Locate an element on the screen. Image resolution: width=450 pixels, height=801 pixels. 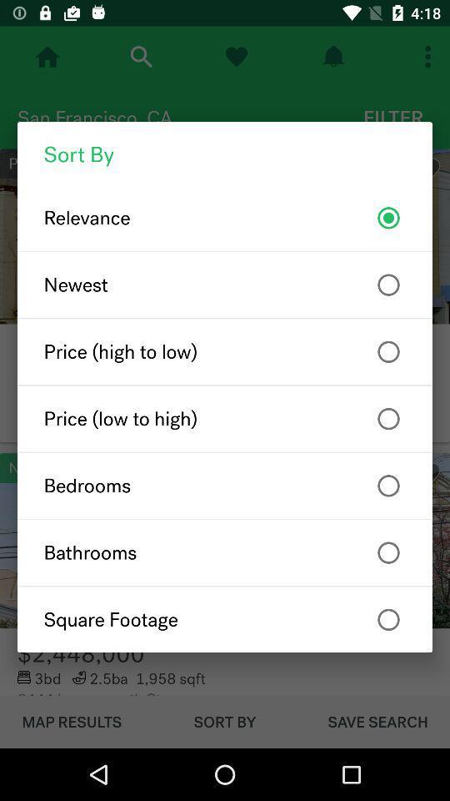
icon above newest item is located at coordinates (225, 217).